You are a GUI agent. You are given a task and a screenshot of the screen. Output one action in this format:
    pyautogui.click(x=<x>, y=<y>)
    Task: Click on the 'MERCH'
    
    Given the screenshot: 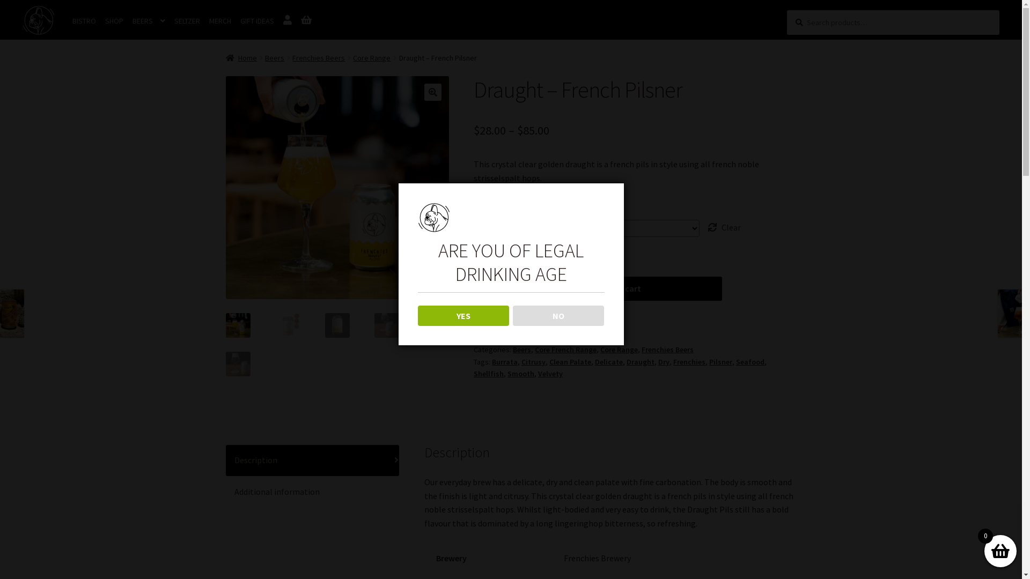 What is the action you would take?
    pyautogui.click(x=219, y=21)
    